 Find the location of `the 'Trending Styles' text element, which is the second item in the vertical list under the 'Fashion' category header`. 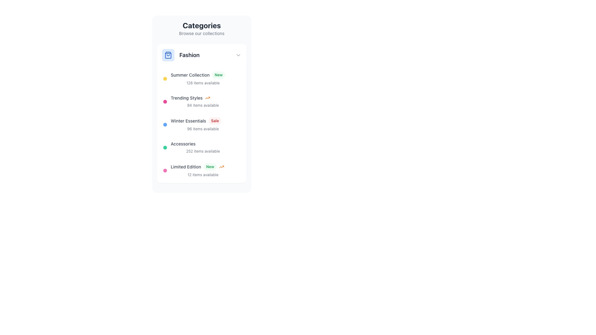

the 'Trending Styles' text element, which is the second item in the vertical list under the 'Fashion' category header is located at coordinates (203, 98).